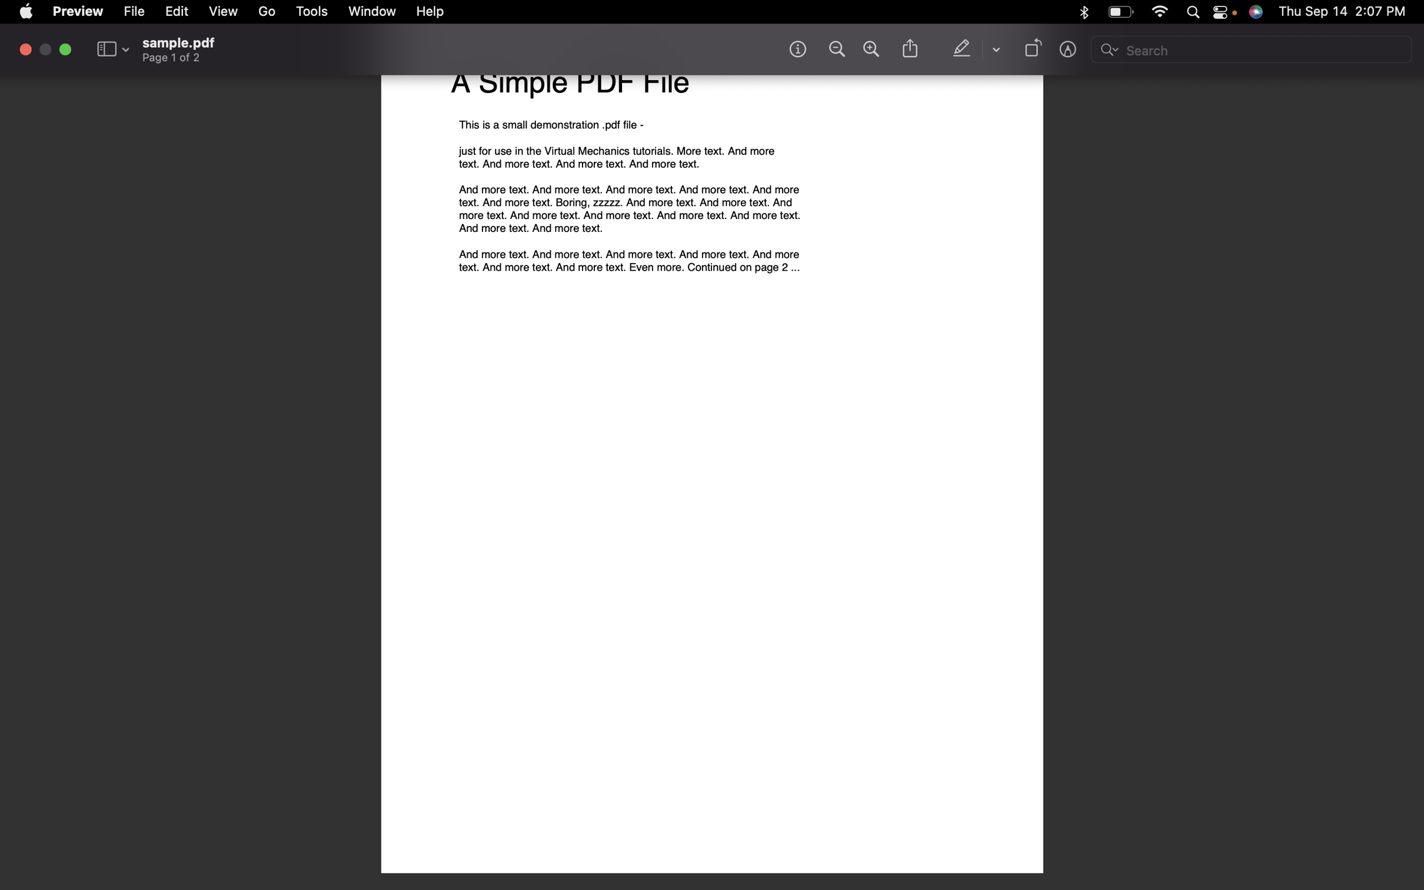  Describe the element at coordinates (1252, 51) in the screenshot. I see `the search option` at that location.